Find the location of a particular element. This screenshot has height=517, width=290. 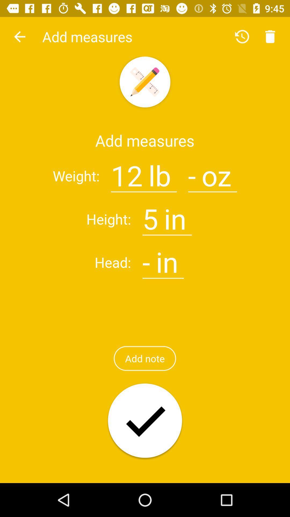

add note is located at coordinates (144, 358).